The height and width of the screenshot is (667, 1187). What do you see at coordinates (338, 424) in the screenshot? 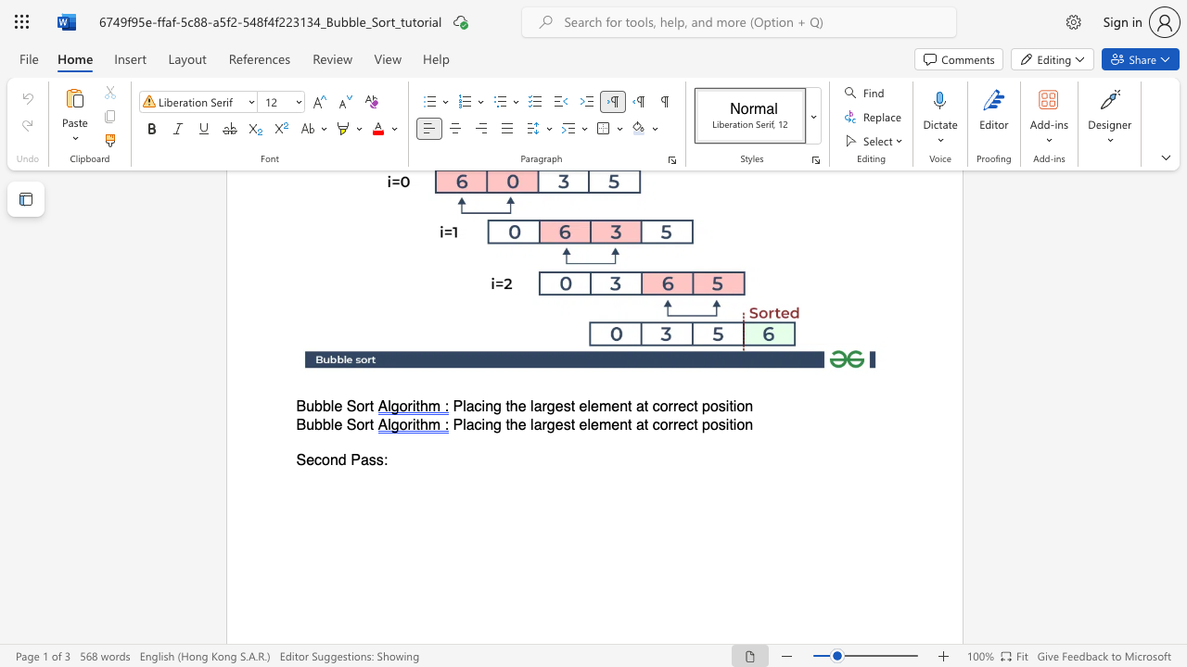
I see `the 1th character "e" in the text` at bounding box center [338, 424].